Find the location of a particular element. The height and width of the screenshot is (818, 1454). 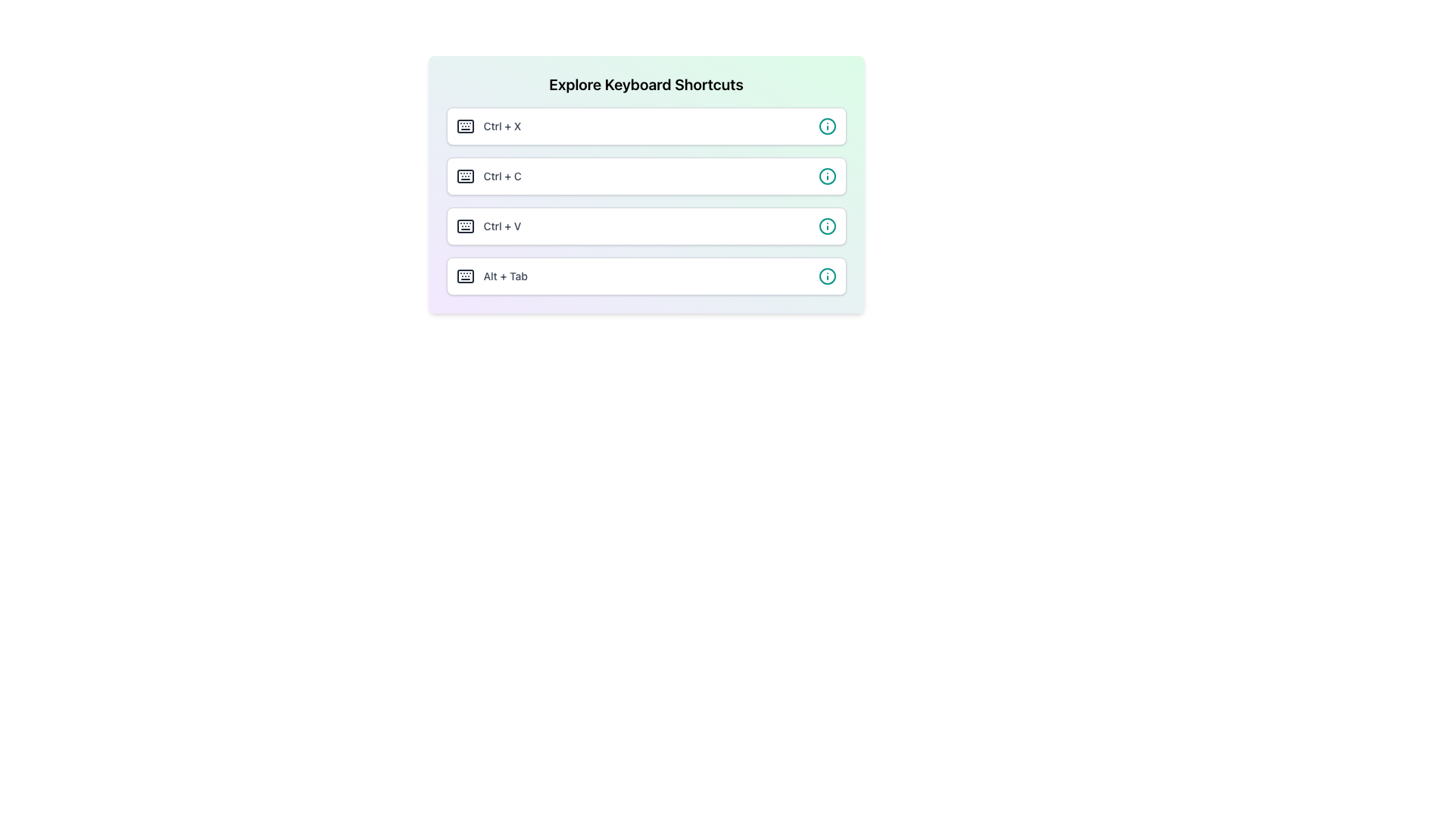

the fourth list item representing the 'Alt + Tab' keyboard shortcut is located at coordinates (646, 276).